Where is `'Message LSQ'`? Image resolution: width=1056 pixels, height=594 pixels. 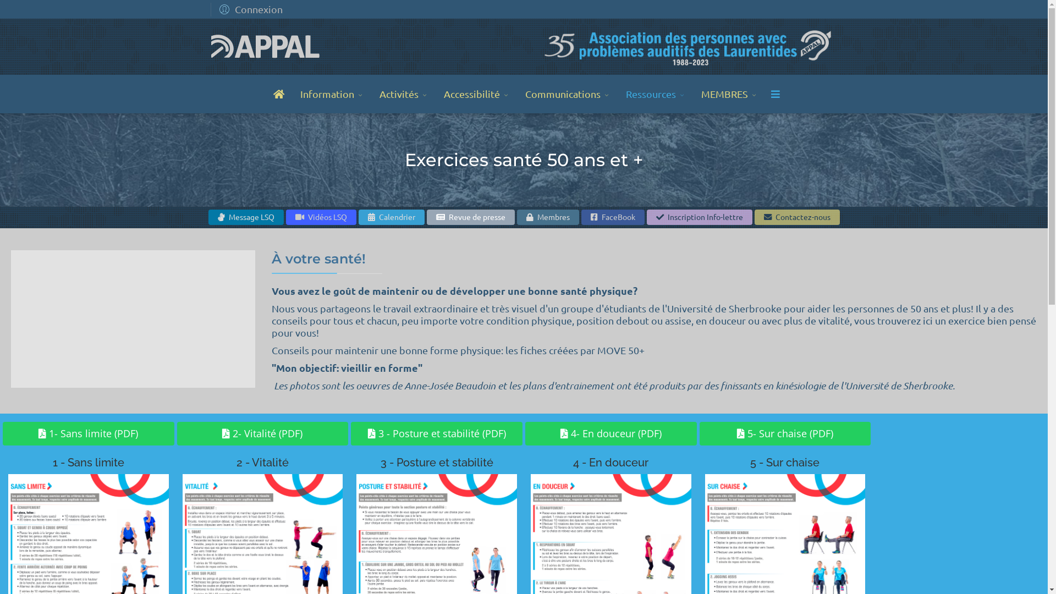 'Message LSQ' is located at coordinates (245, 217).